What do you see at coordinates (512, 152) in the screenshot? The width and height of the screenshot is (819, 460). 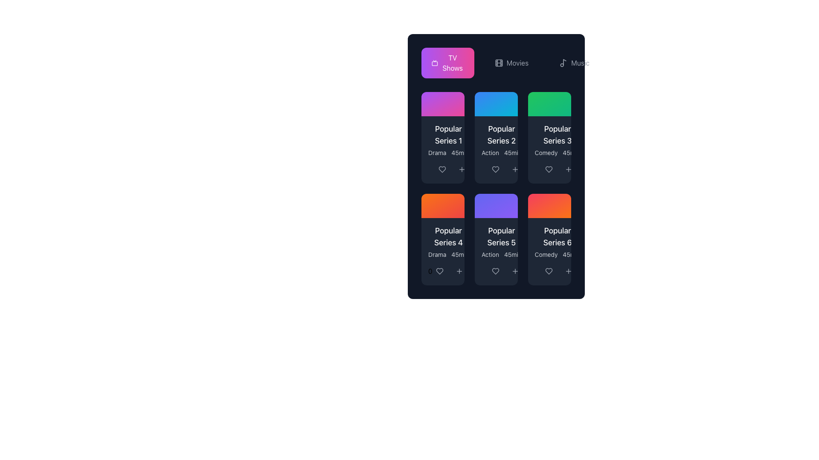 I see `static text label displaying '45min', which is located under the 'Action' label in the 'Popular Series 2' card` at bounding box center [512, 152].